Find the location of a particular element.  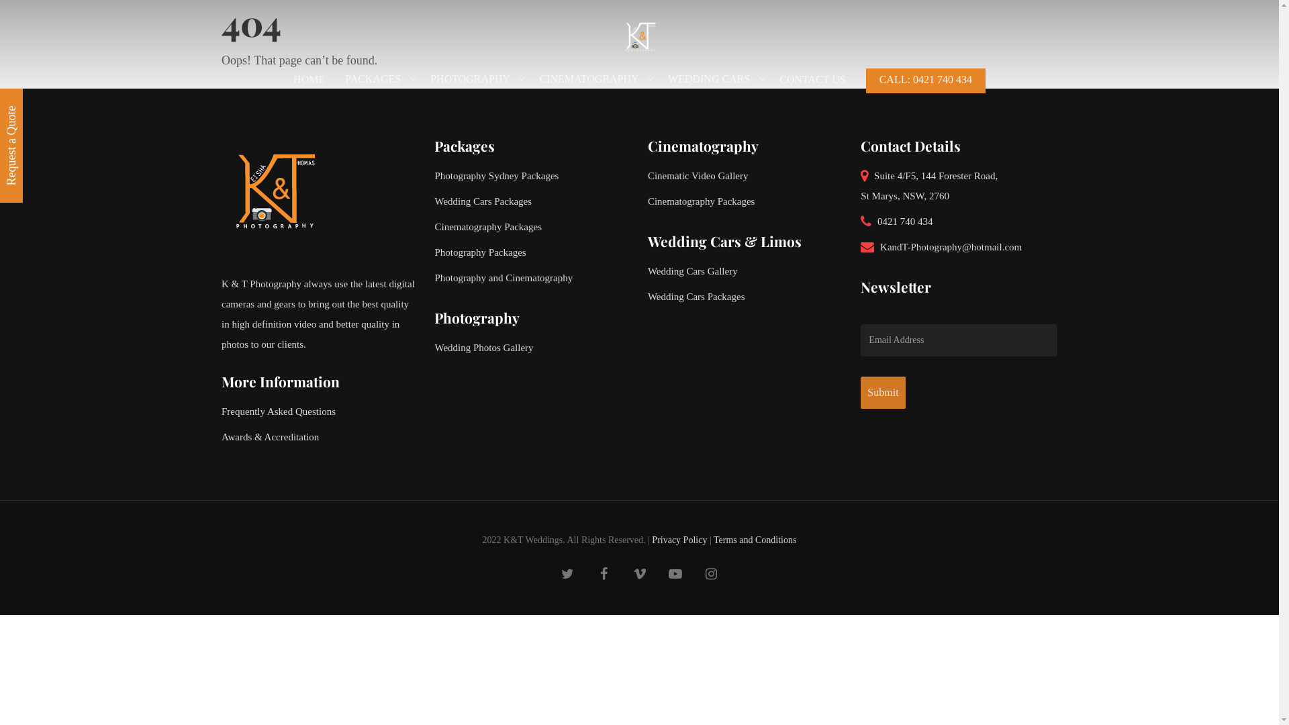

'Cinematography Packages' is located at coordinates (745, 201).